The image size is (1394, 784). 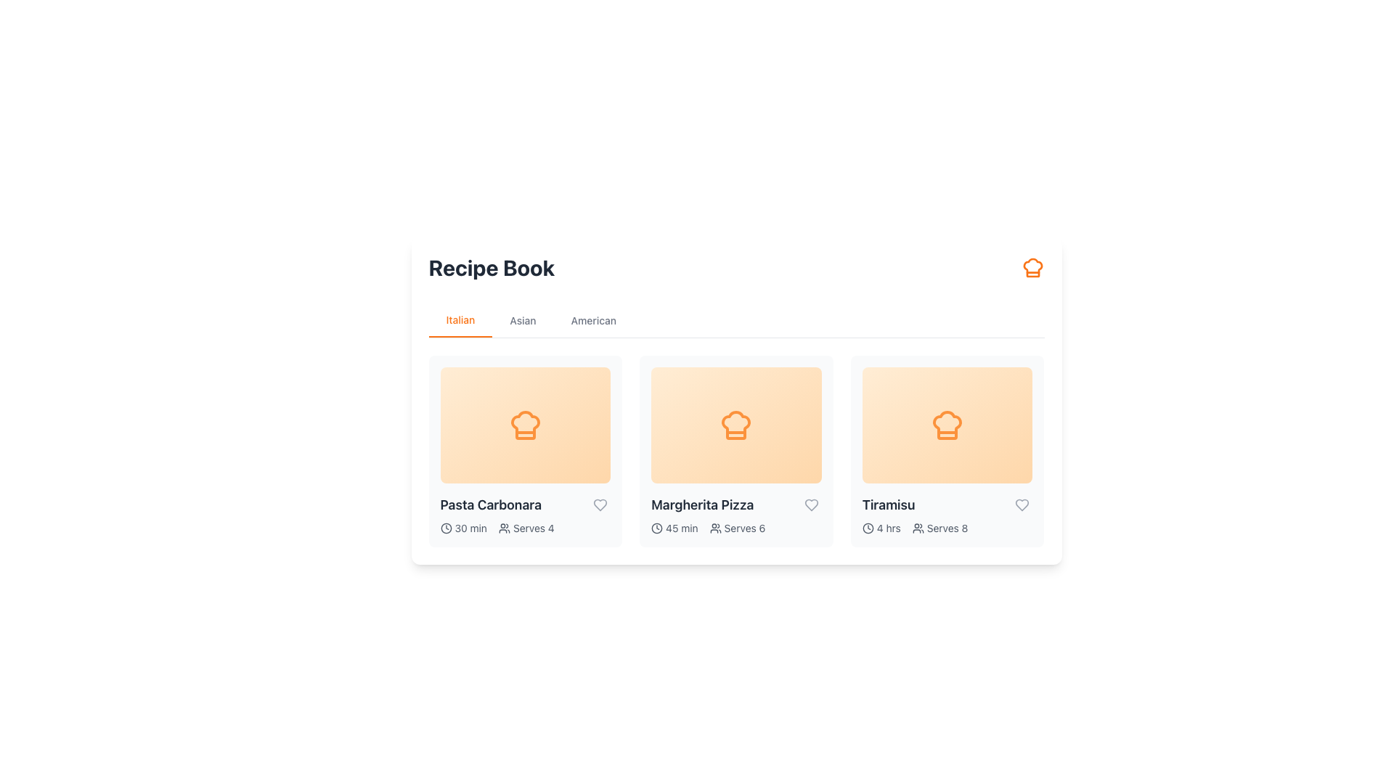 What do you see at coordinates (715, 528) in the screenshot?
I see `the user-type icon consisting of two abstract human figures, located next to the 'Serves 6' text in the 'Margherita Pizza' section` at bounding box center [715, 528].